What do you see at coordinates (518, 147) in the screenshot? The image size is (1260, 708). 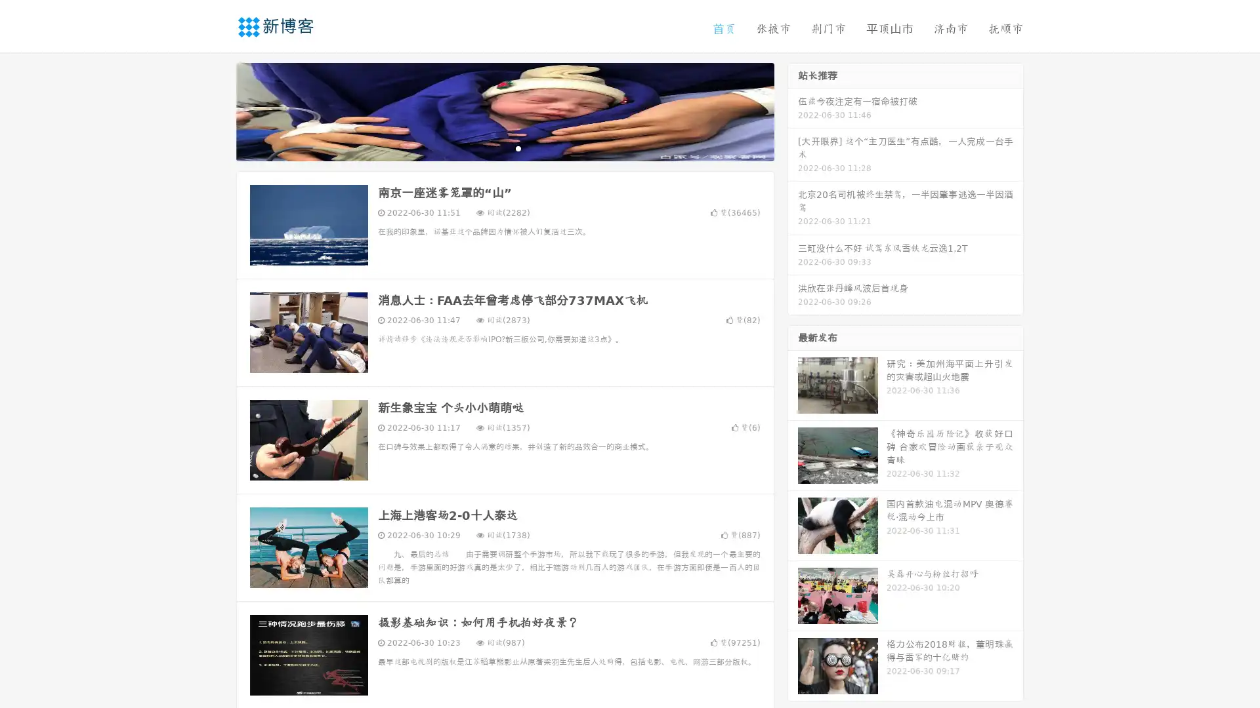 I see `Go to slide 3` at bounding box center [518, 147].